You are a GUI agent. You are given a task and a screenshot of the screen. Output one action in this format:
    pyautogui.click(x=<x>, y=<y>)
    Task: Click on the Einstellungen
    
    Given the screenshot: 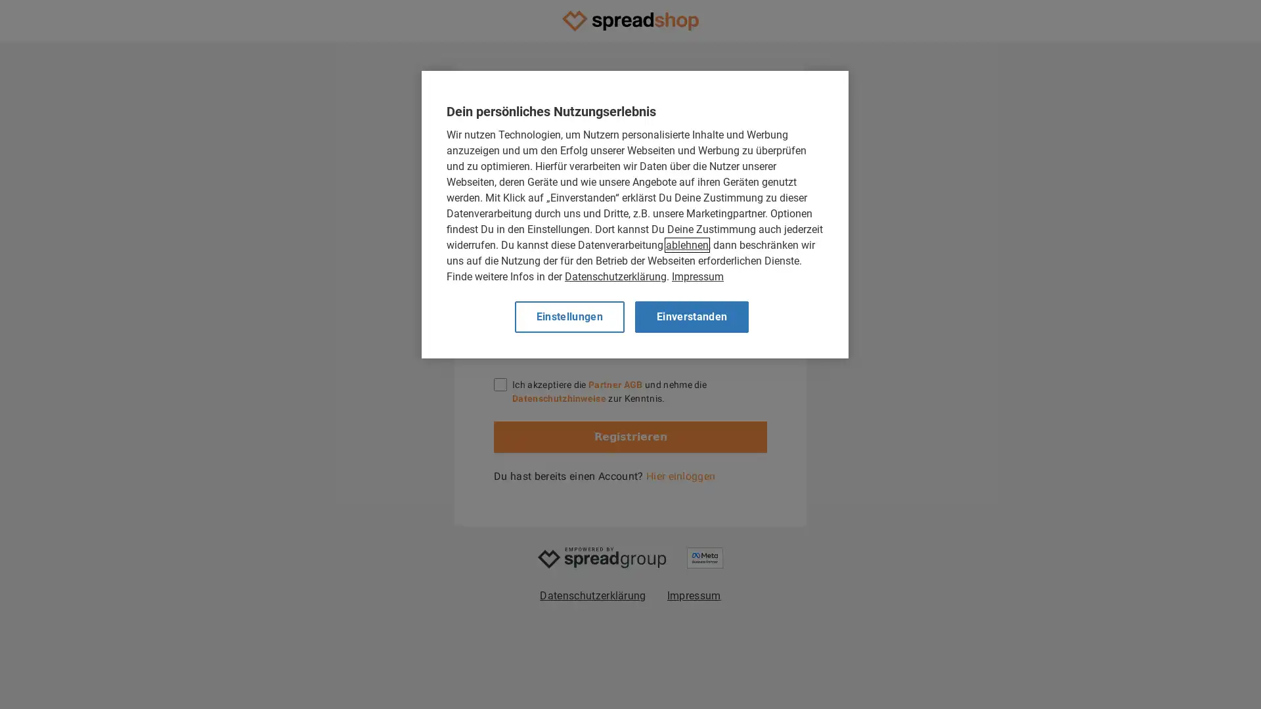 What is the action you would take?
    pyautogui.click(x=569, y=316)
    